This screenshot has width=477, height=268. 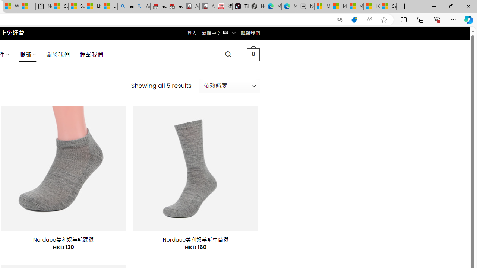 I want to click on 'This site has coupons! Shopping in Microsoft Edge', so click(x=354, y=19).